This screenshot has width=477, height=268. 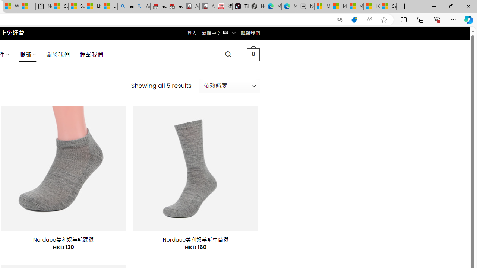 I want to click on 'This site has coupons! Shopping in Microsoft Edge', so click(x=354, y=19).